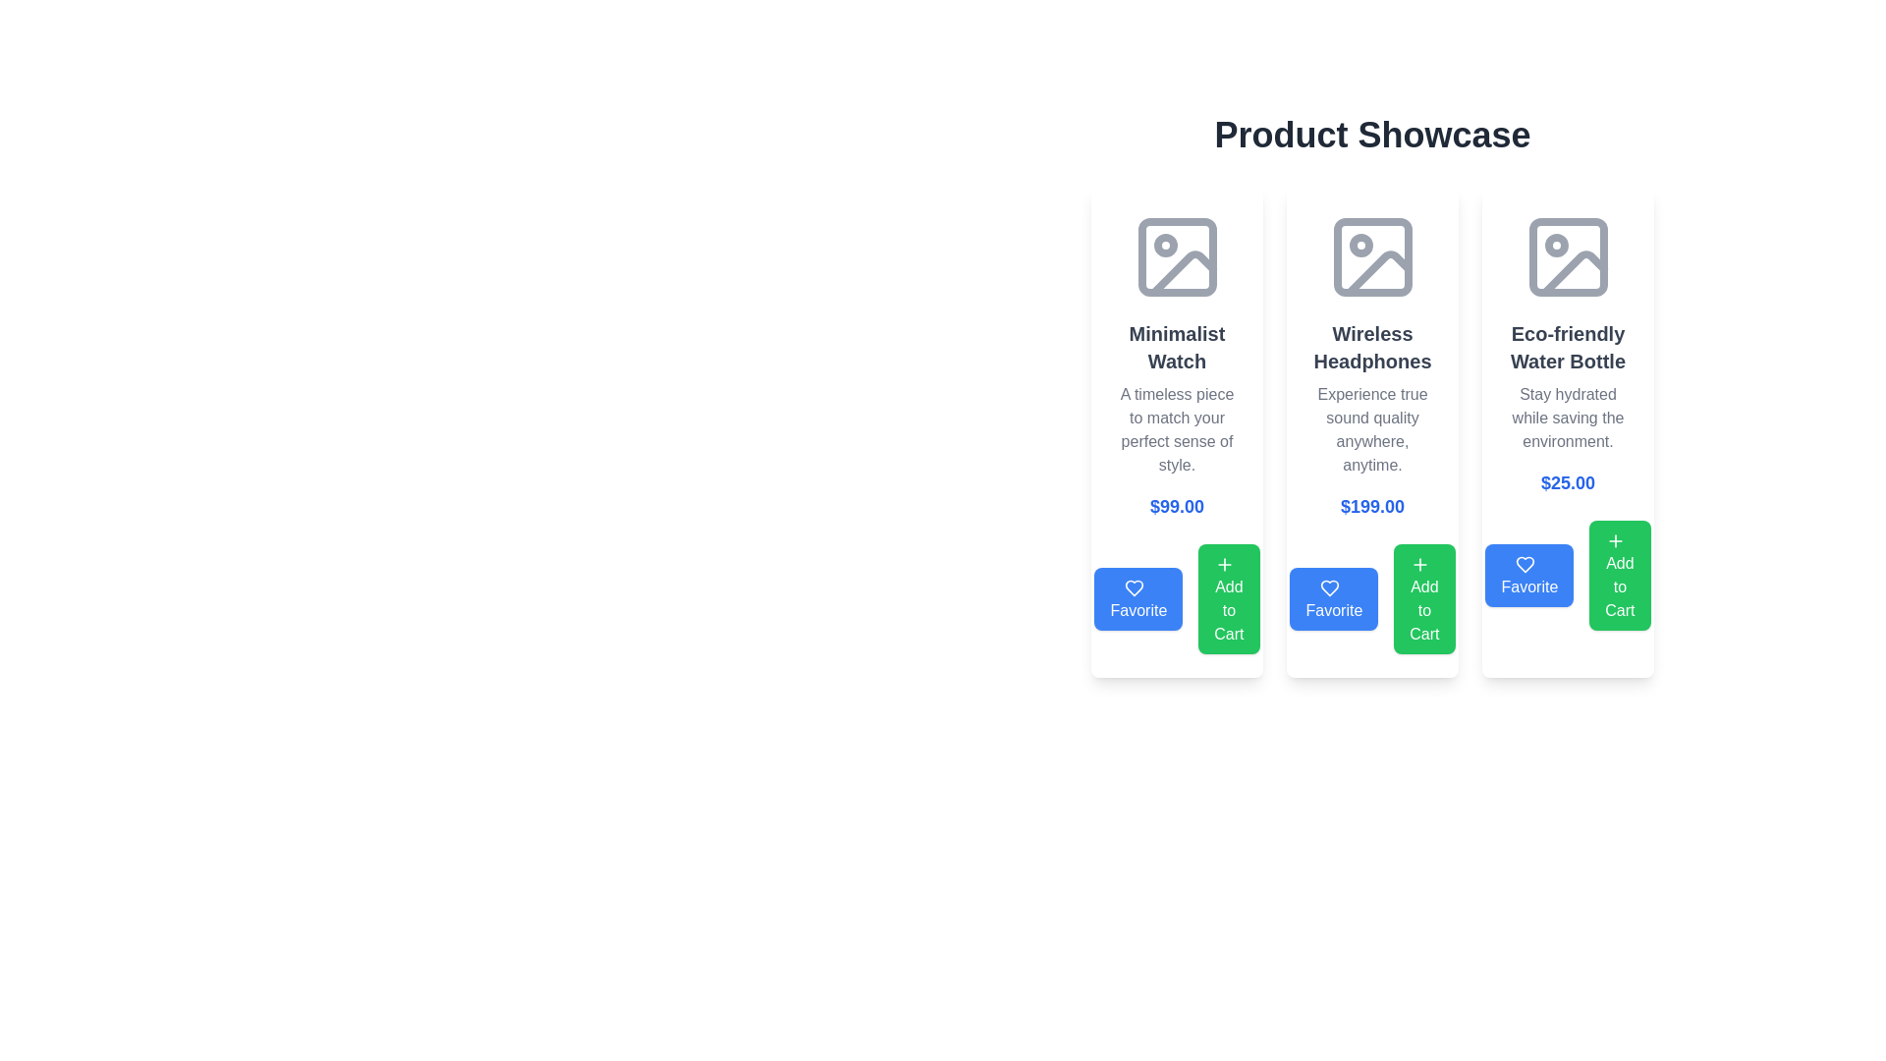 The height and width of the screenshot is (1061, 1886). I want to click on the graphic placeholder icon located in the 'Wireless Headphones' section, which is the second card from the left, positioned at the top area above the title 'Wireless Headphones', so click(1371, 256).